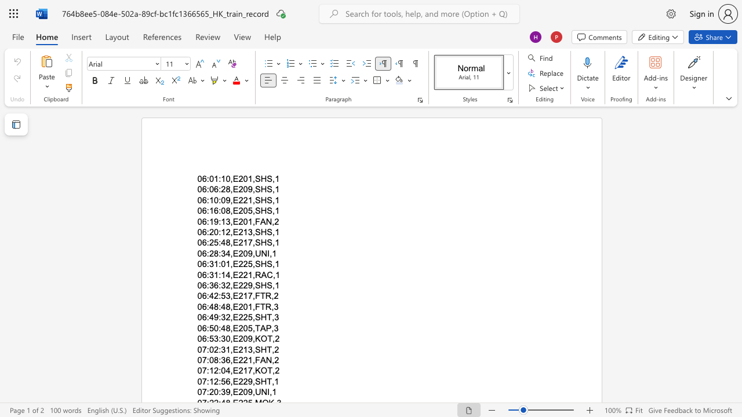 The width and height of the screenshot is (742, 417). What do you see at coordinates (219, 264) in the screenshot?
I see `the subset text ":01,E" within the text "06:31:01,E225,SHS,1"` at bounding box center [219, 264].